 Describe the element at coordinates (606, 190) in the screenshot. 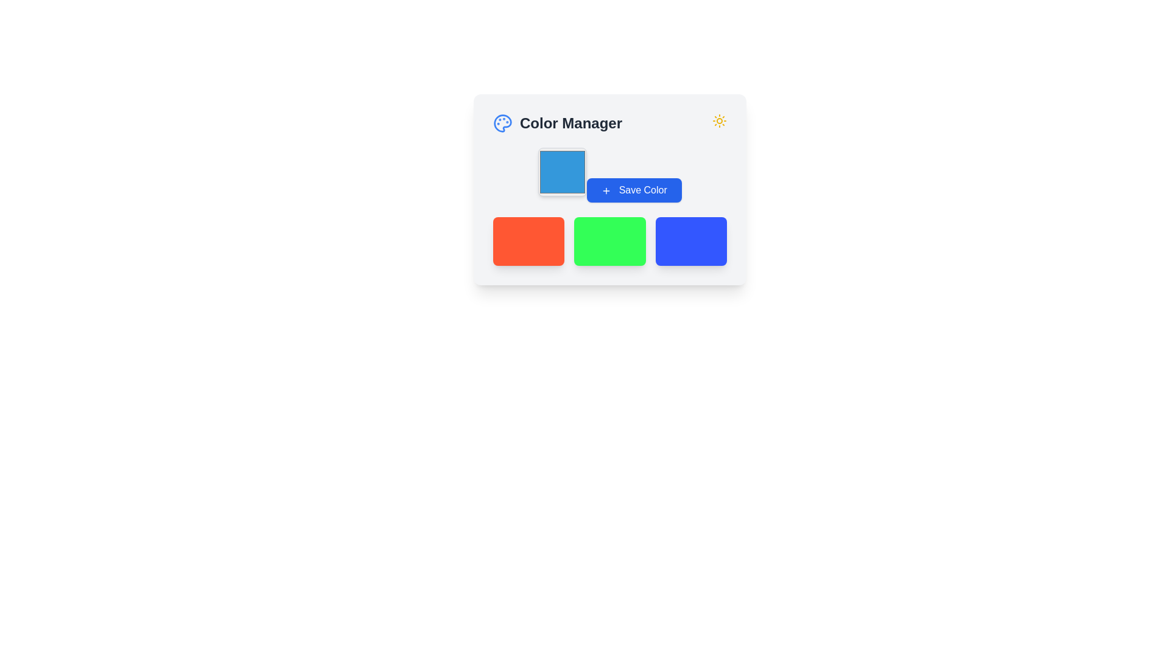

I see `the plus sign icon located inside the blue 'Save Color' button` at that location.